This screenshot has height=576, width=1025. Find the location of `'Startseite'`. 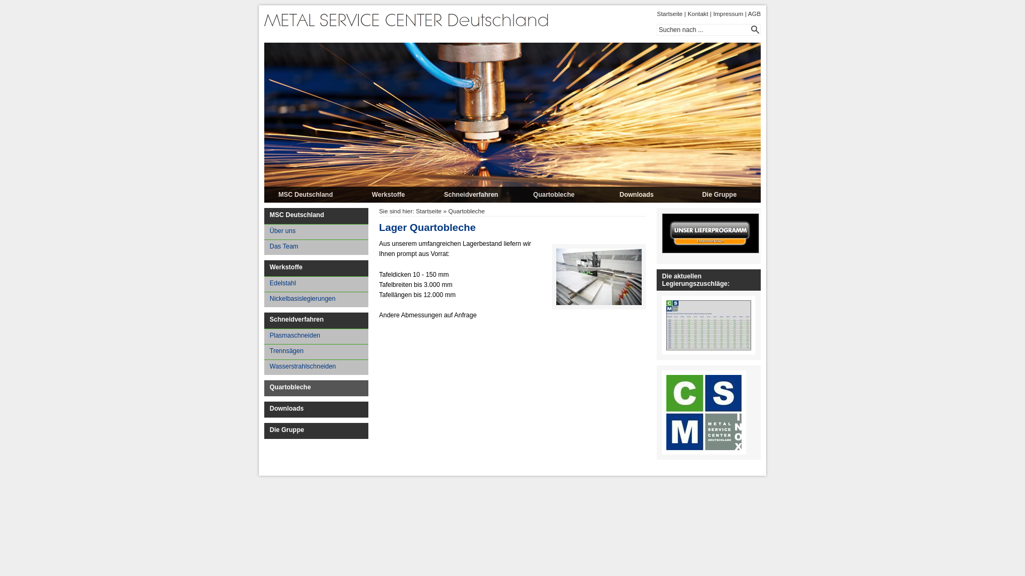

'Startseite' is located at coordinates (669, 14).